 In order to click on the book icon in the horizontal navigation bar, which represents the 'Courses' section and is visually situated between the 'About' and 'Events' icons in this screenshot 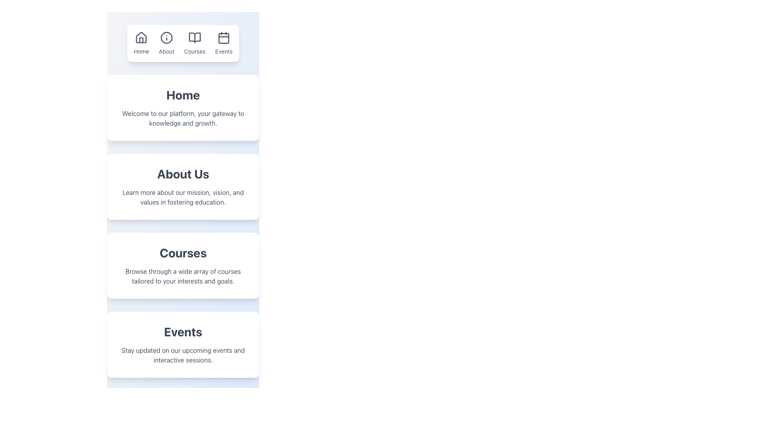, I will do `click(194, 37)`.